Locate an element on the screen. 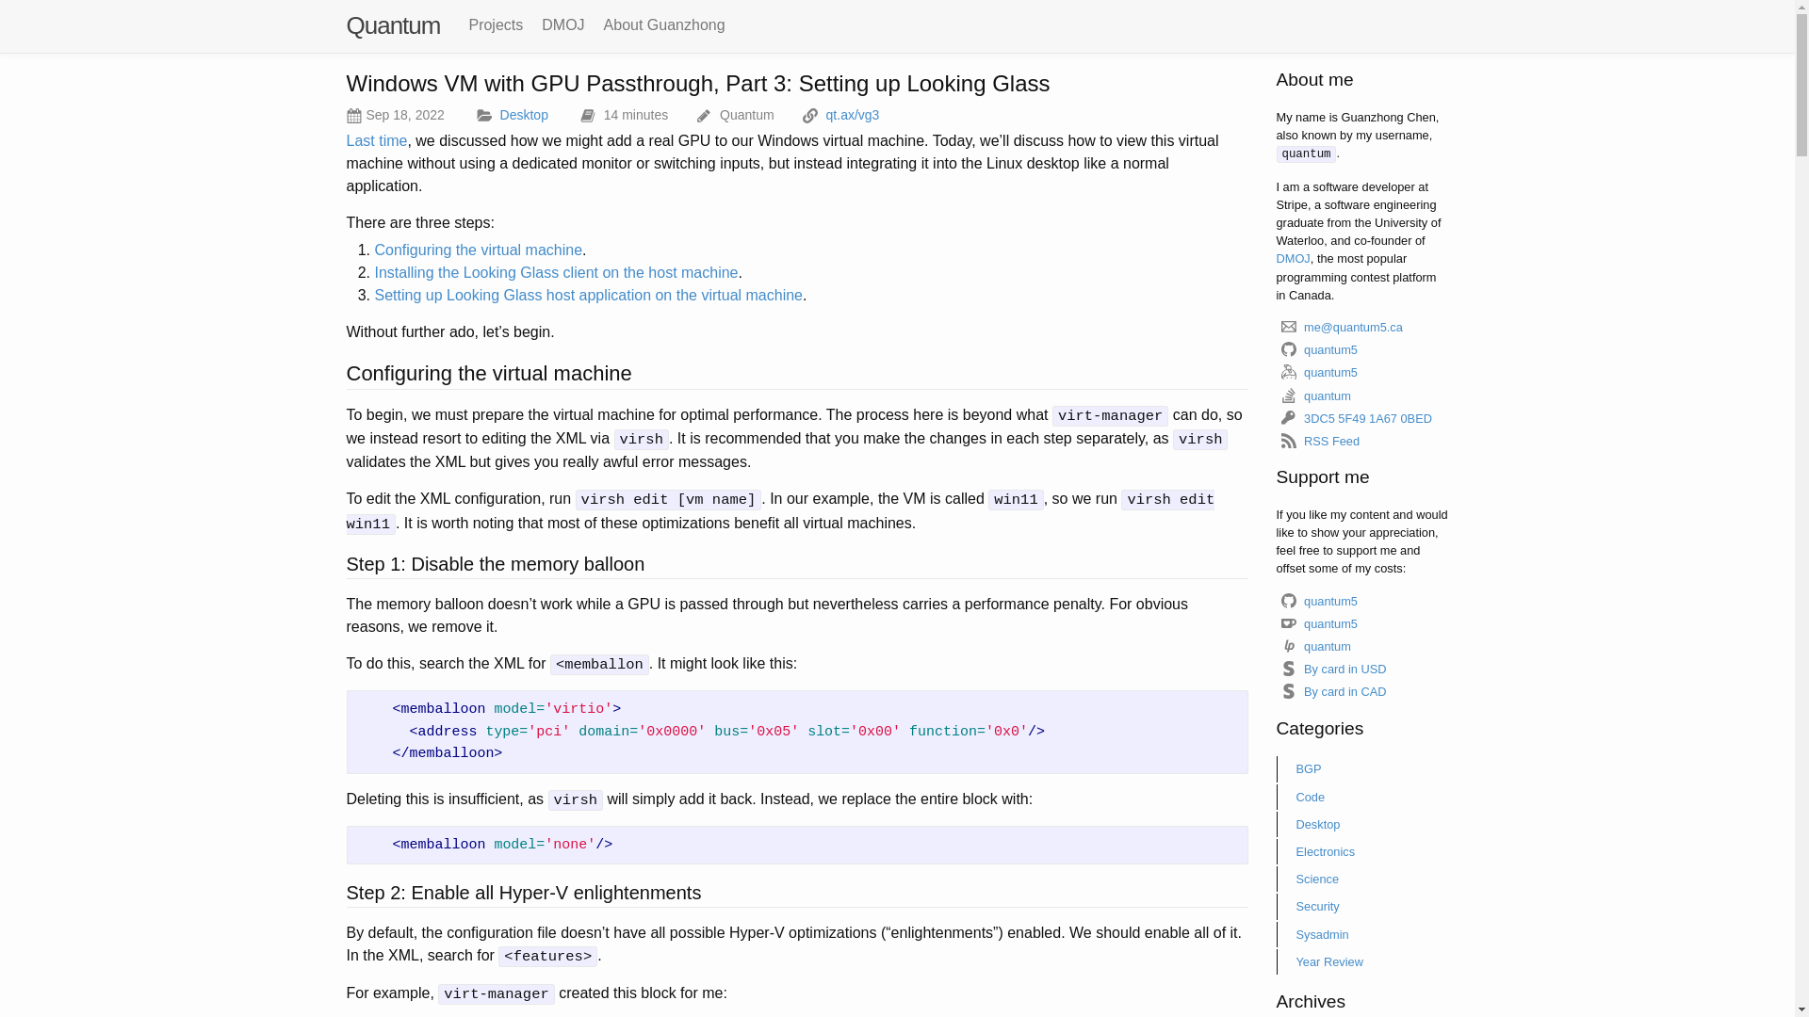 The image size is (1809, 1017). 'Sysadmin' is located at coordinates (1275, 934).